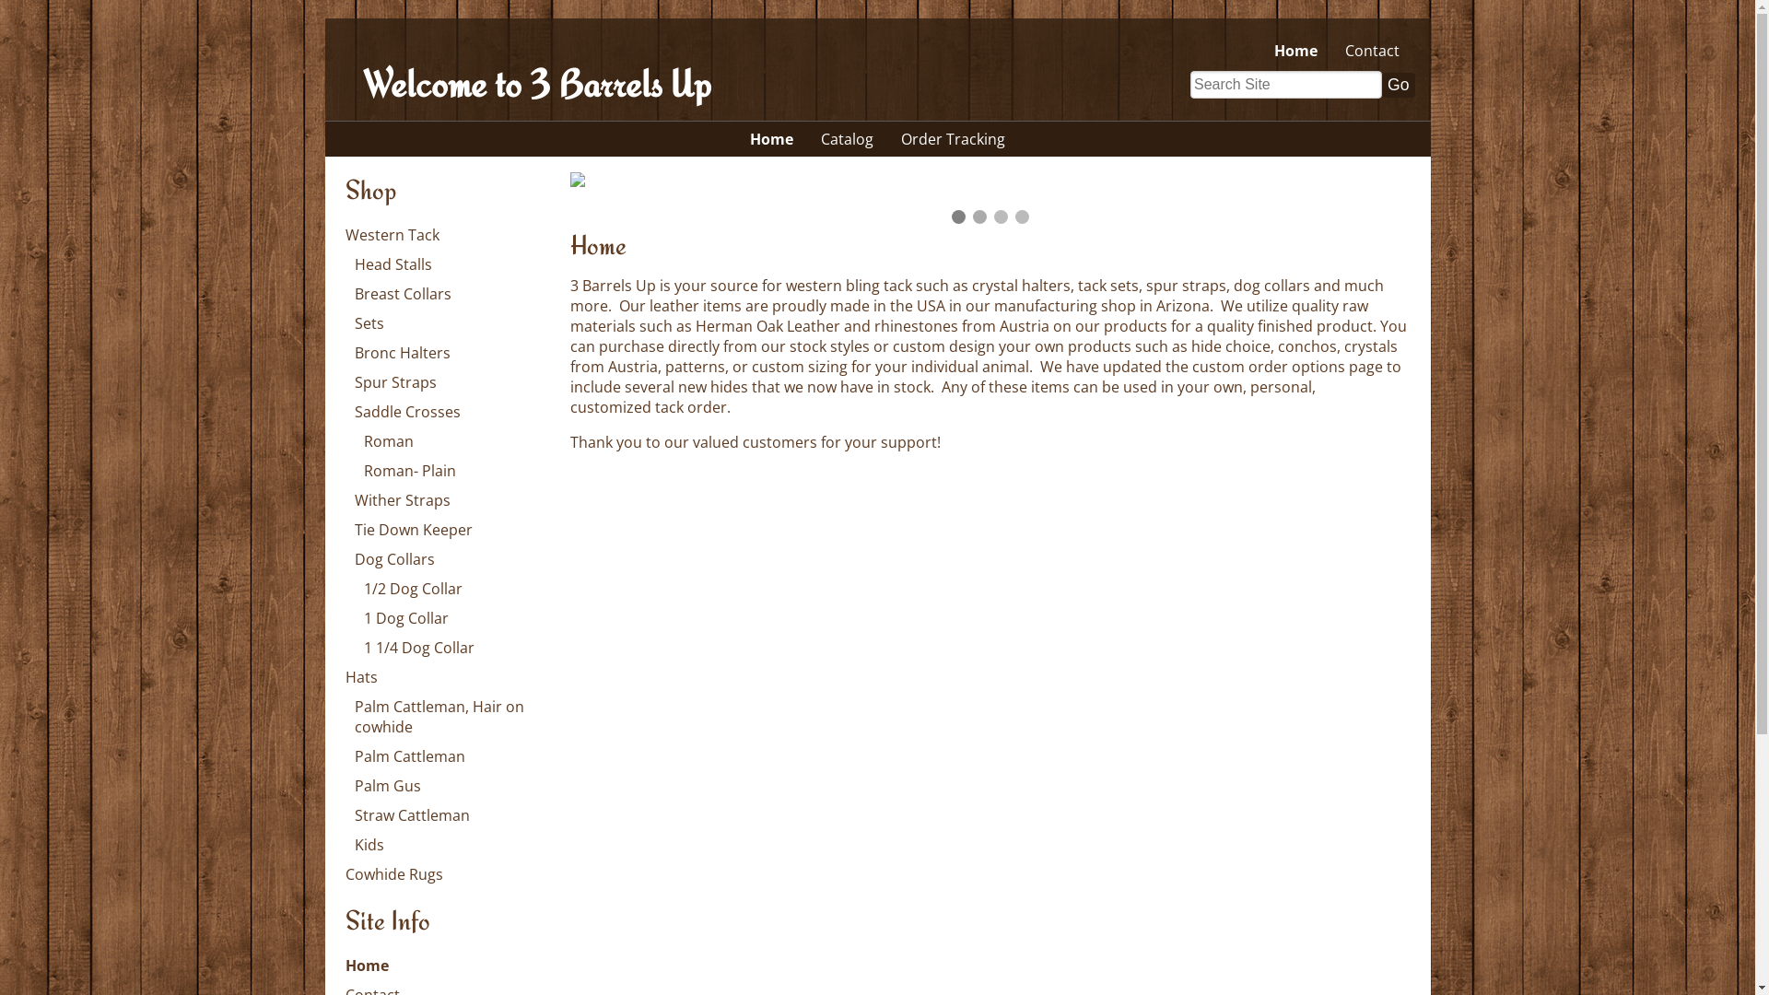 The height and width of the screenshot is (995, 1769). Describe the element at coordinates (392, 557) in the screenshot. I see `'Dog Collars'` at that location.